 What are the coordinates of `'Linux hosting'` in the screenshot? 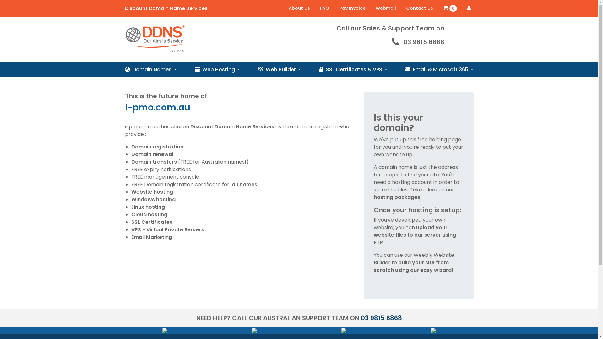 It's located at (148, 207).